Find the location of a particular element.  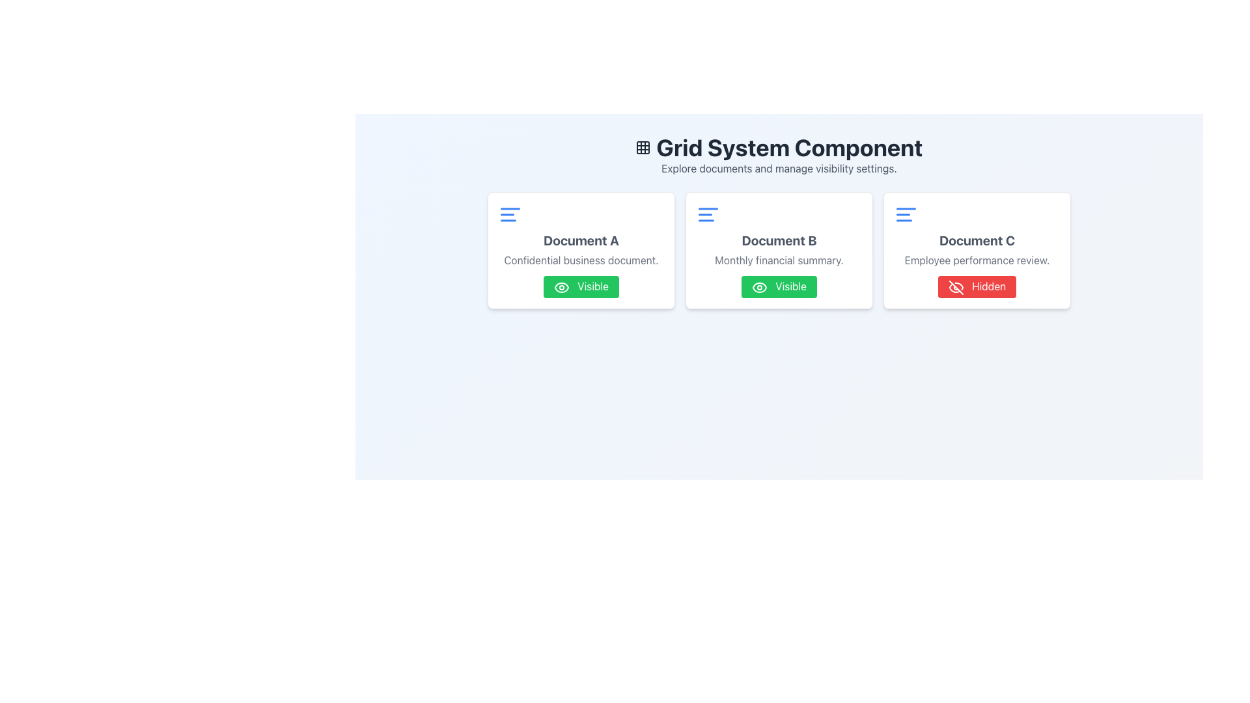

the text label that serves as the title for the section, indicating 'Grid System Component.' is located at coordinates (779, 147).